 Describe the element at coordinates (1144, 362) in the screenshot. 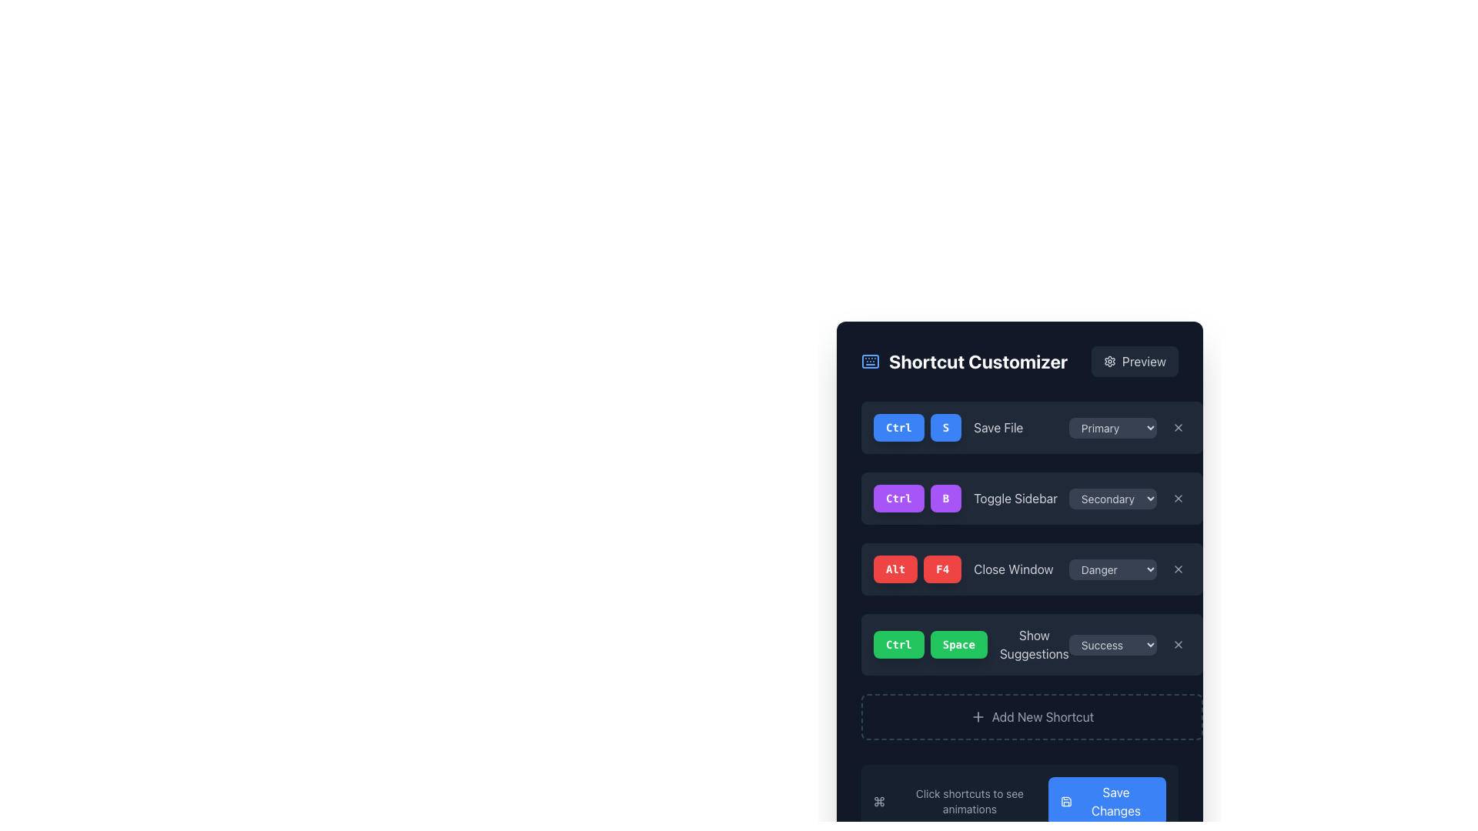

I see `the 'Preview' text label displayed in light gray against a dark background, located in the upper-right portion of the interface, to the right of a gear-shaped icon` at that location.